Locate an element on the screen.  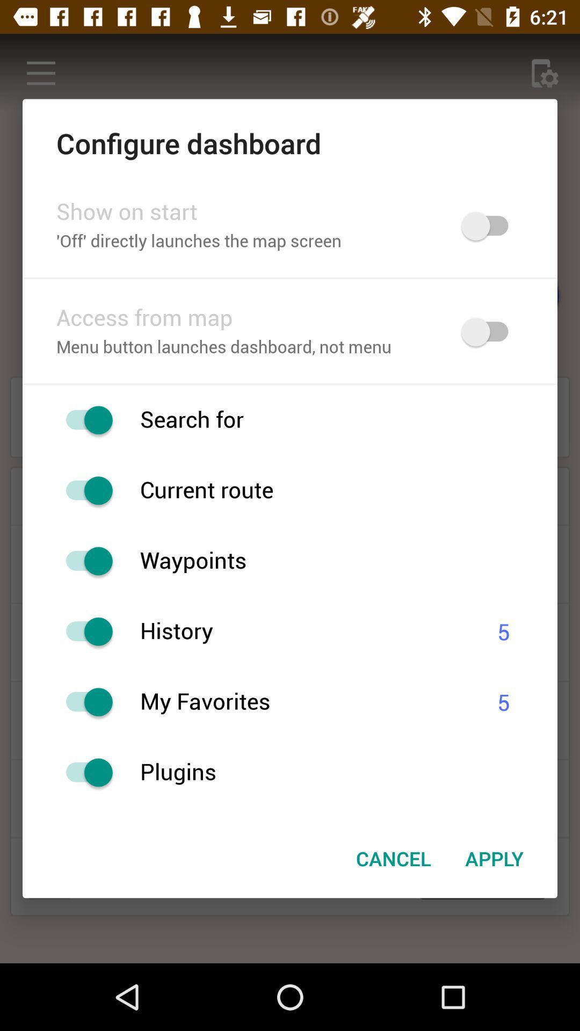
the off directly launches icon is located at coordinates (245, 241).